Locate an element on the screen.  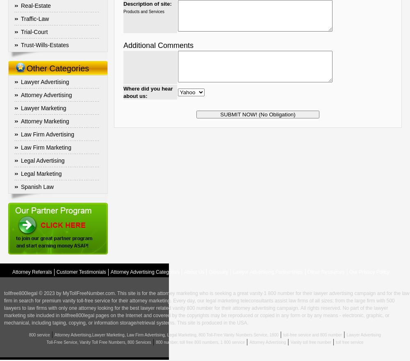
'who is seeking a great vanity 1 800 number for their' is located at coordinates (255, 293).